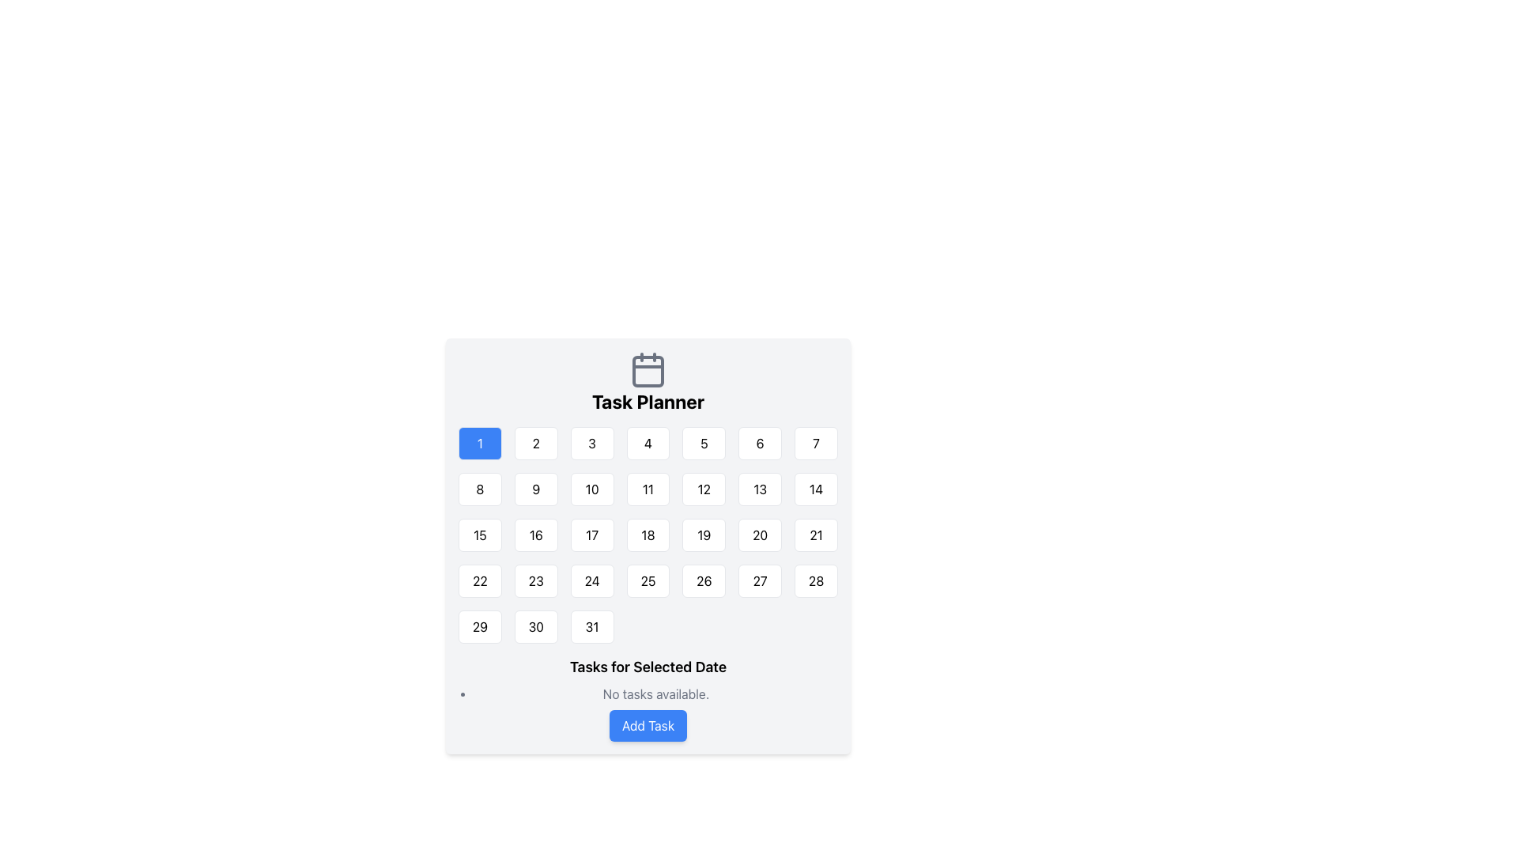  Describe the element at coordinates (478, 581) in the screenshot. I see `the button representing the 22nd day in the calendar grid` at that location.